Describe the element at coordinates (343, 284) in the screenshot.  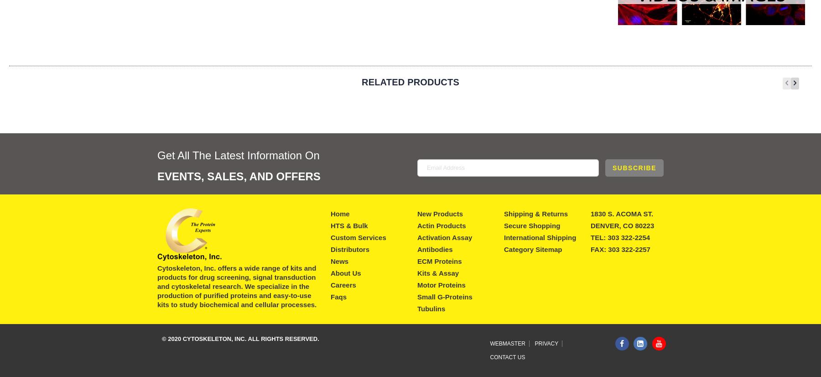
I see `'Careers'` at that location.